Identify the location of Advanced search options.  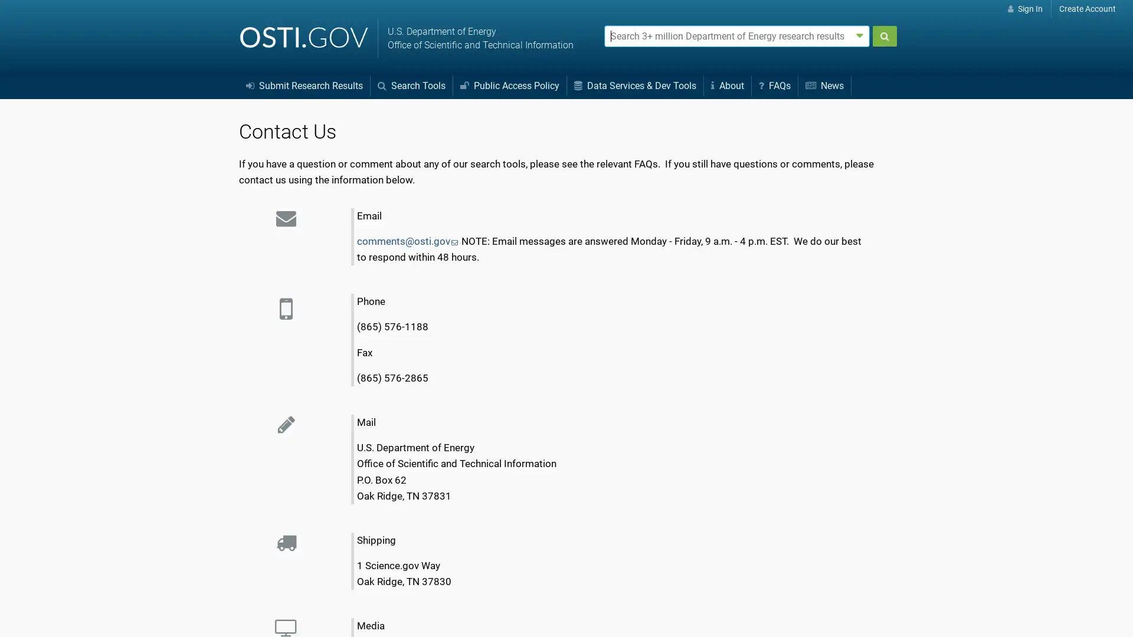
(860, 35).